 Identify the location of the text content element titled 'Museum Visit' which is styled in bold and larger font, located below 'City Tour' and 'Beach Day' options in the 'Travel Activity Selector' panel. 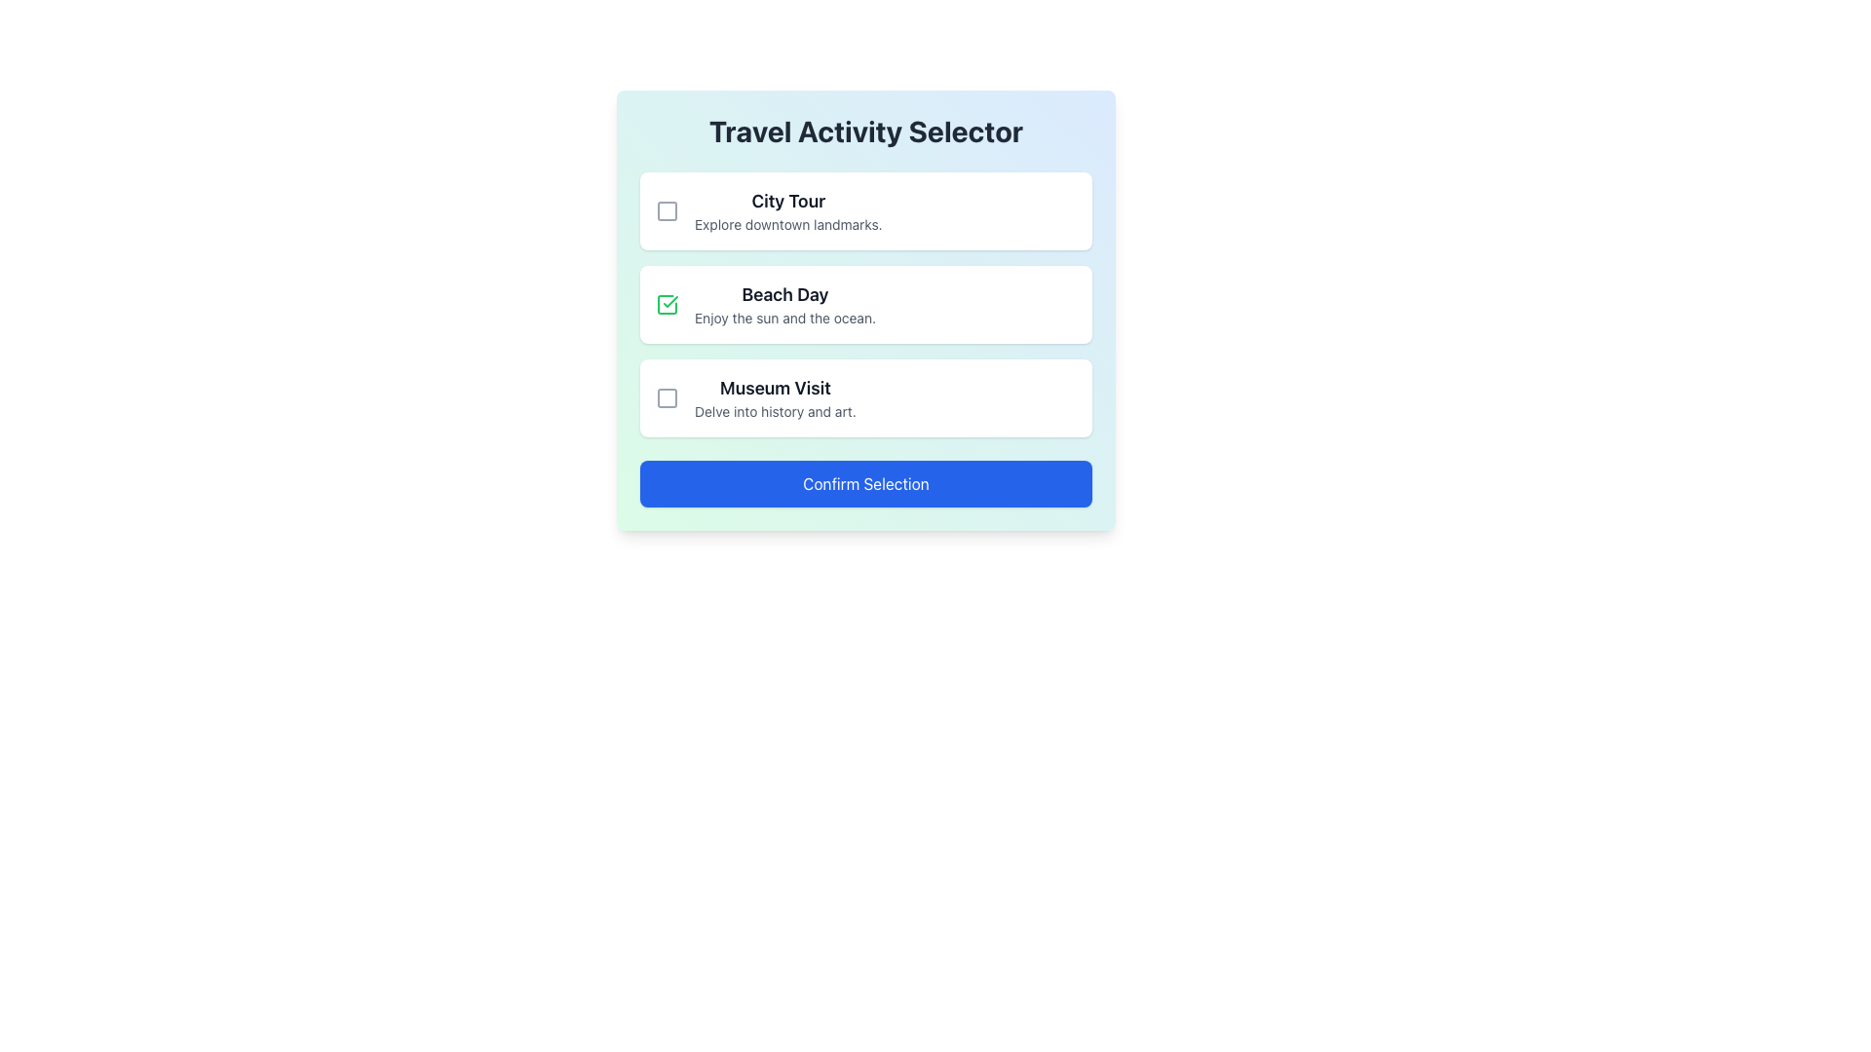
(774, 396).